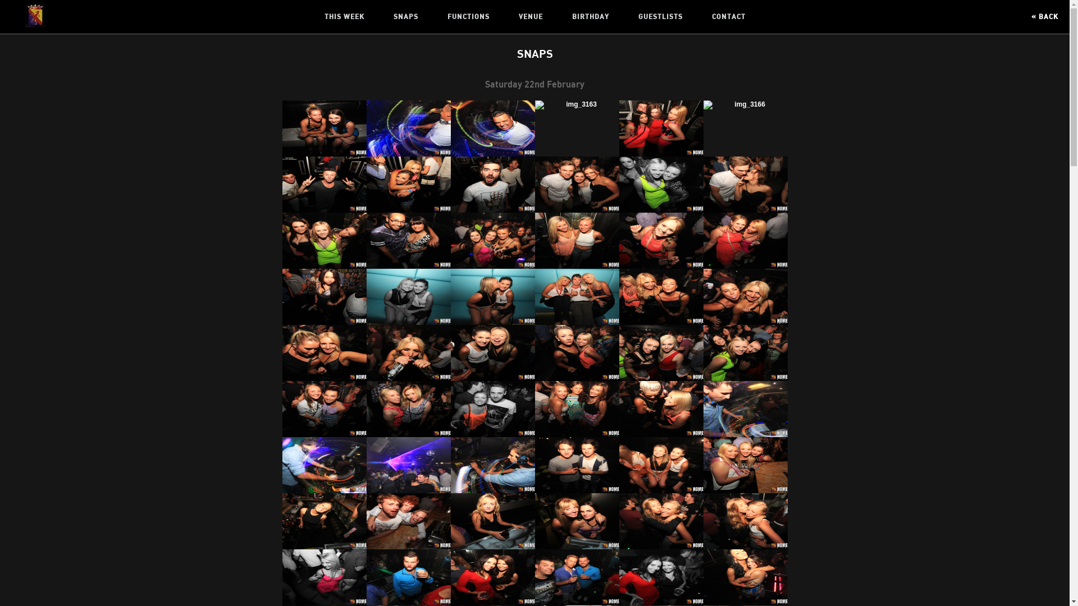 The image size is (1078, 606). What do you see at coordinates (728, 17) in the screenshot?
I see `'CONTACT'` at bounding box center [728, 17].